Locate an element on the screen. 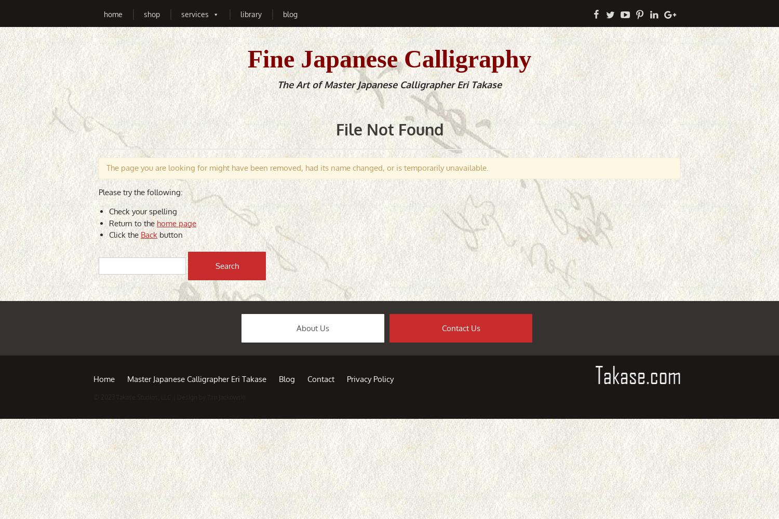 Image resolution: width=779 pixels, height=519 pixels. 'Click the' is located at coordinates (124, 234).